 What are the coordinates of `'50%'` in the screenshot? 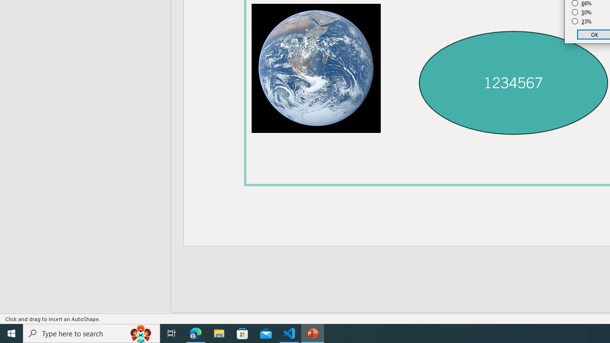 It's located at (581, 12).